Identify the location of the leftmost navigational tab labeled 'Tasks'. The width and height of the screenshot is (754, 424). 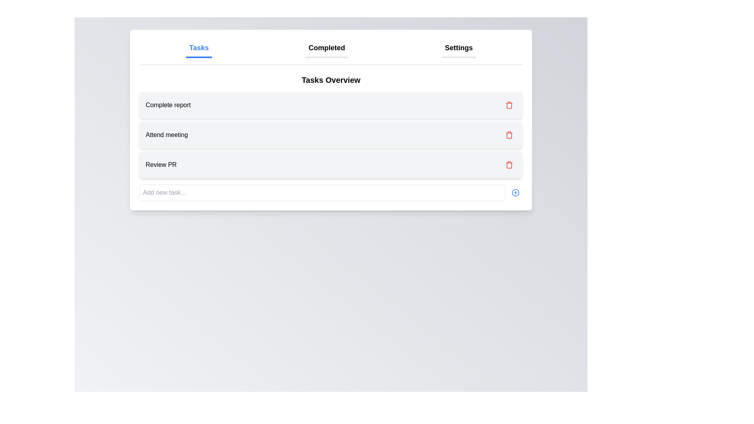
(199, 48).